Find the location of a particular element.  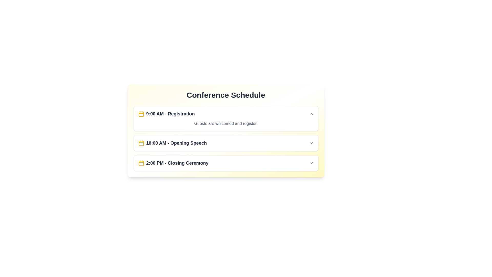

the central text label displaying the timing and title of a scheduled item in the conference agenda, located within the 'Conference Schedule' list is located at coordinates (176, 143).